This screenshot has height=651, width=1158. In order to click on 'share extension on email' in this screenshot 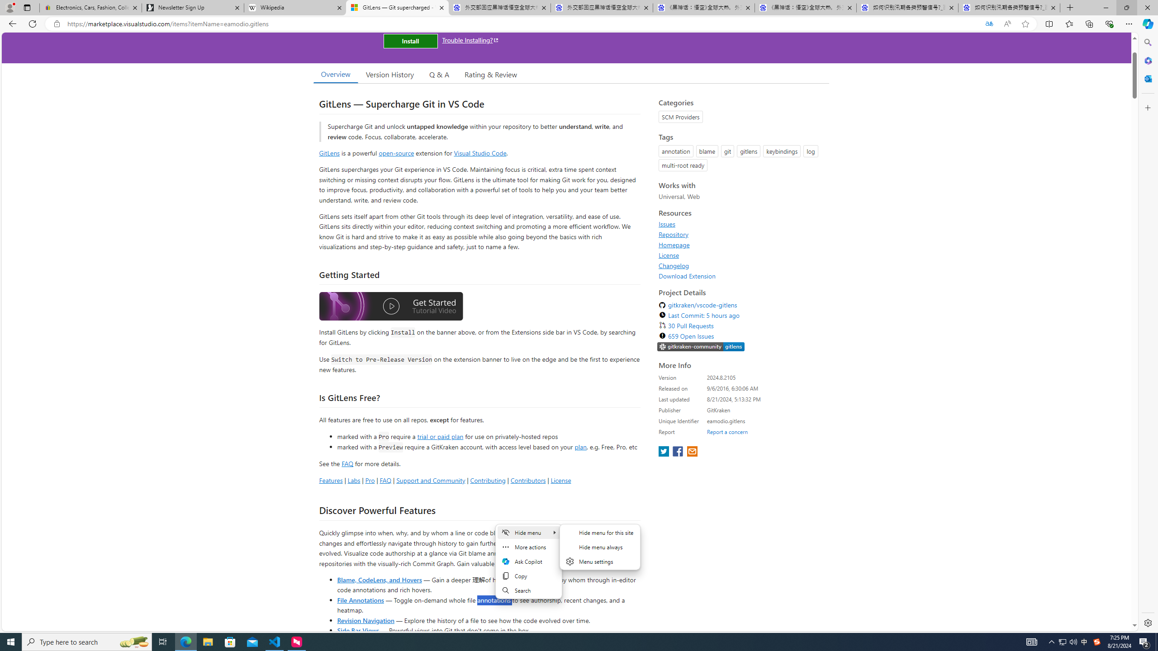, I will do `click(691, 452)`.